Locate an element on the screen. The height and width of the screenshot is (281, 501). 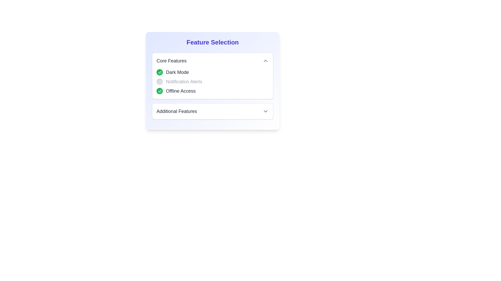
the chevron-shaped toggle icon located to the right of the 'Core Features' text in the 'Feature Selection' box is located at coordinates (265, 61).